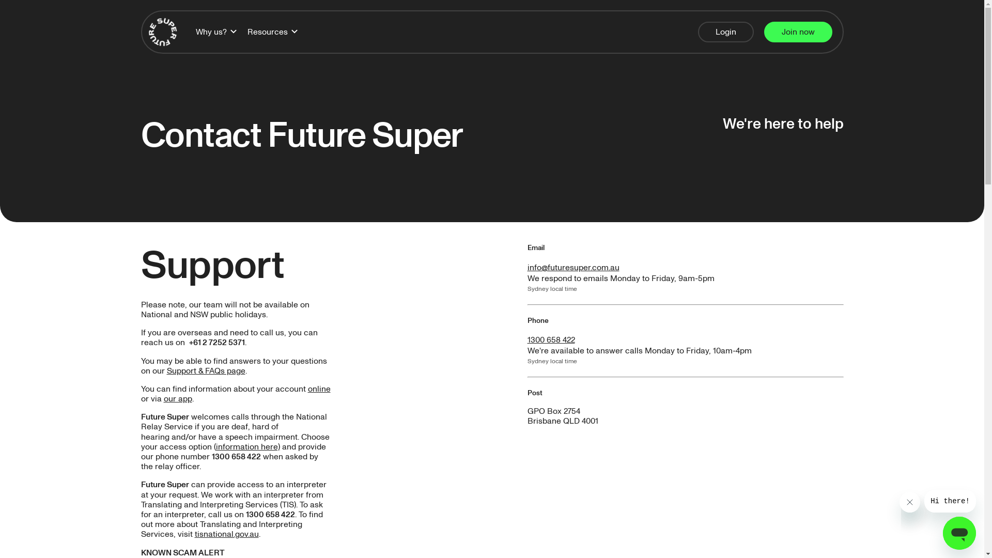 The height and width of the screenshot is (558, 992). Describe the element at coordinates (177, 398) in the screenshot. I see `'our app'` at that location.